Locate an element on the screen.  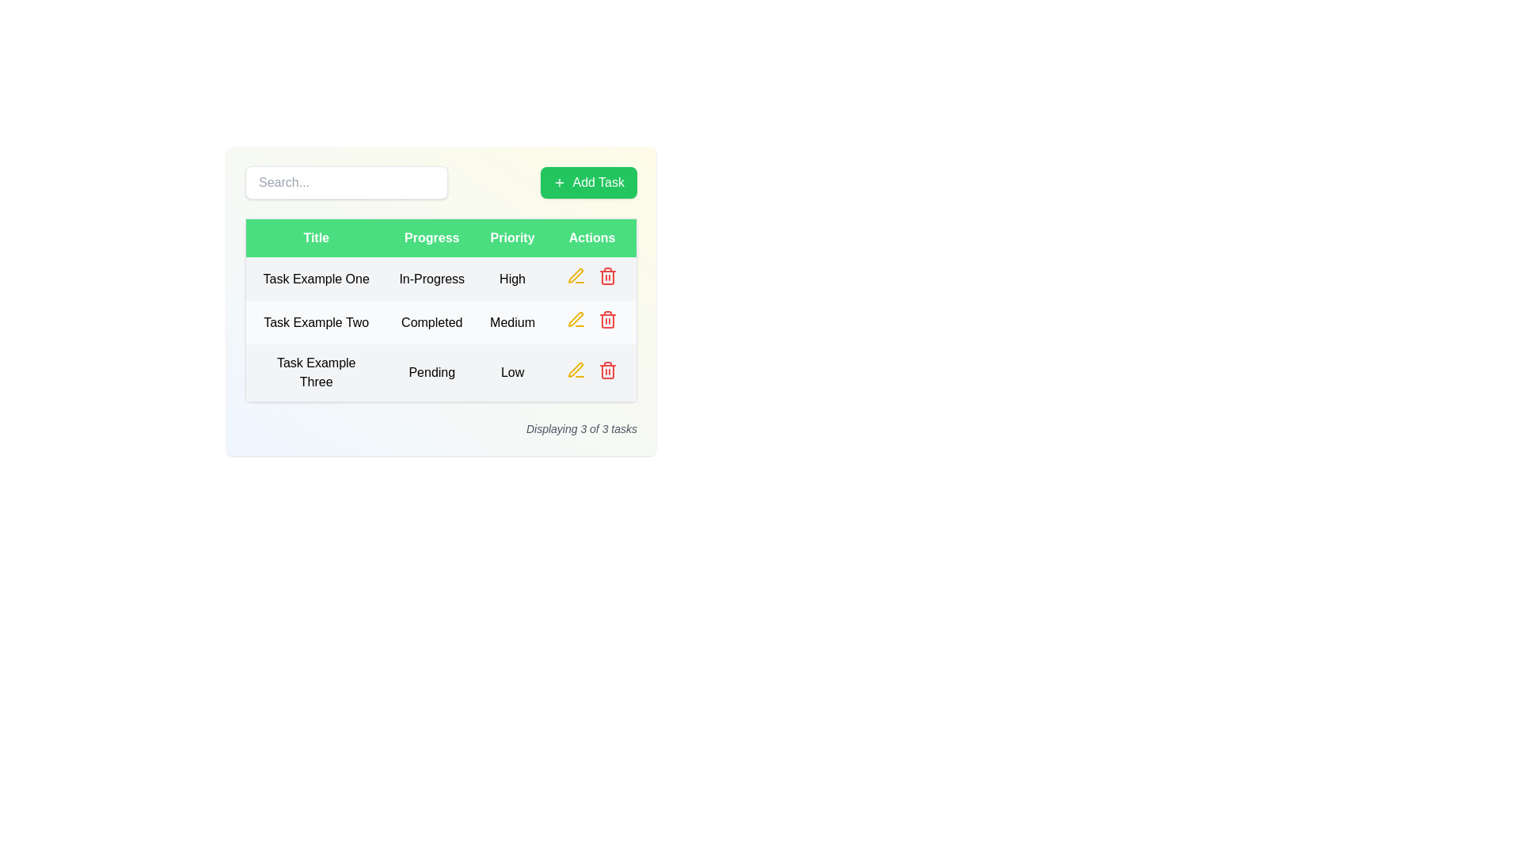
the 'Priority' header label in the table, which indicates the priority levels of tasks and is located in the third column of the header row is located at coordinates (512, 237).